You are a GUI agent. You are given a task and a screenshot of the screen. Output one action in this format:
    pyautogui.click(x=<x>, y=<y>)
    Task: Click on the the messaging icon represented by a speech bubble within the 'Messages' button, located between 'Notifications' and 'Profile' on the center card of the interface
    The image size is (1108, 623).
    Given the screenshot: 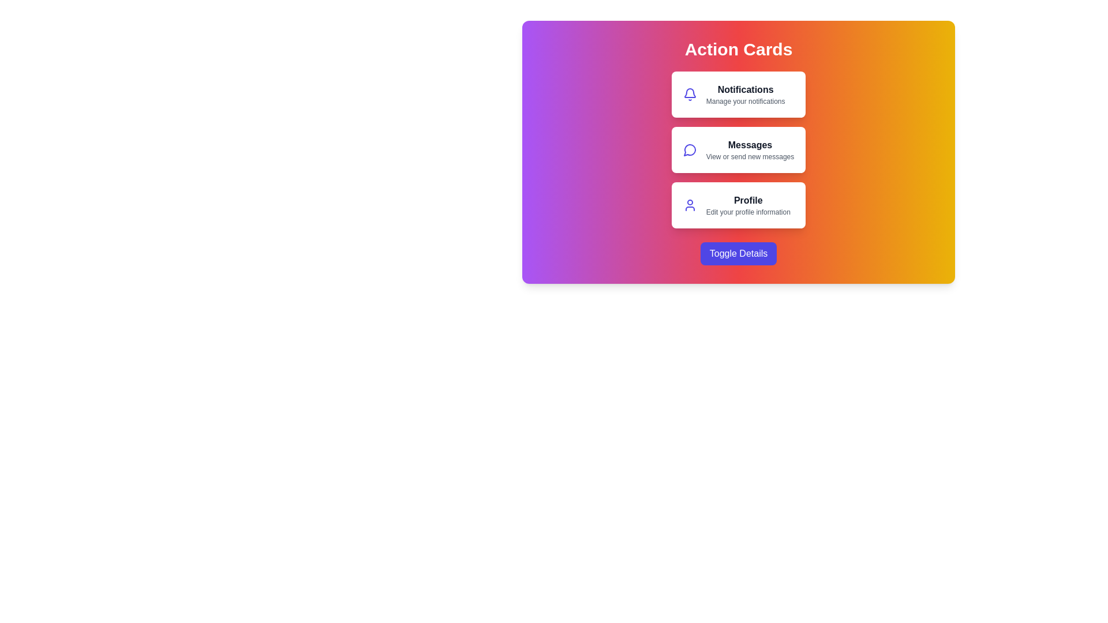 What is the action you would take?
    pyautogui.click(x=690, y=149)
    